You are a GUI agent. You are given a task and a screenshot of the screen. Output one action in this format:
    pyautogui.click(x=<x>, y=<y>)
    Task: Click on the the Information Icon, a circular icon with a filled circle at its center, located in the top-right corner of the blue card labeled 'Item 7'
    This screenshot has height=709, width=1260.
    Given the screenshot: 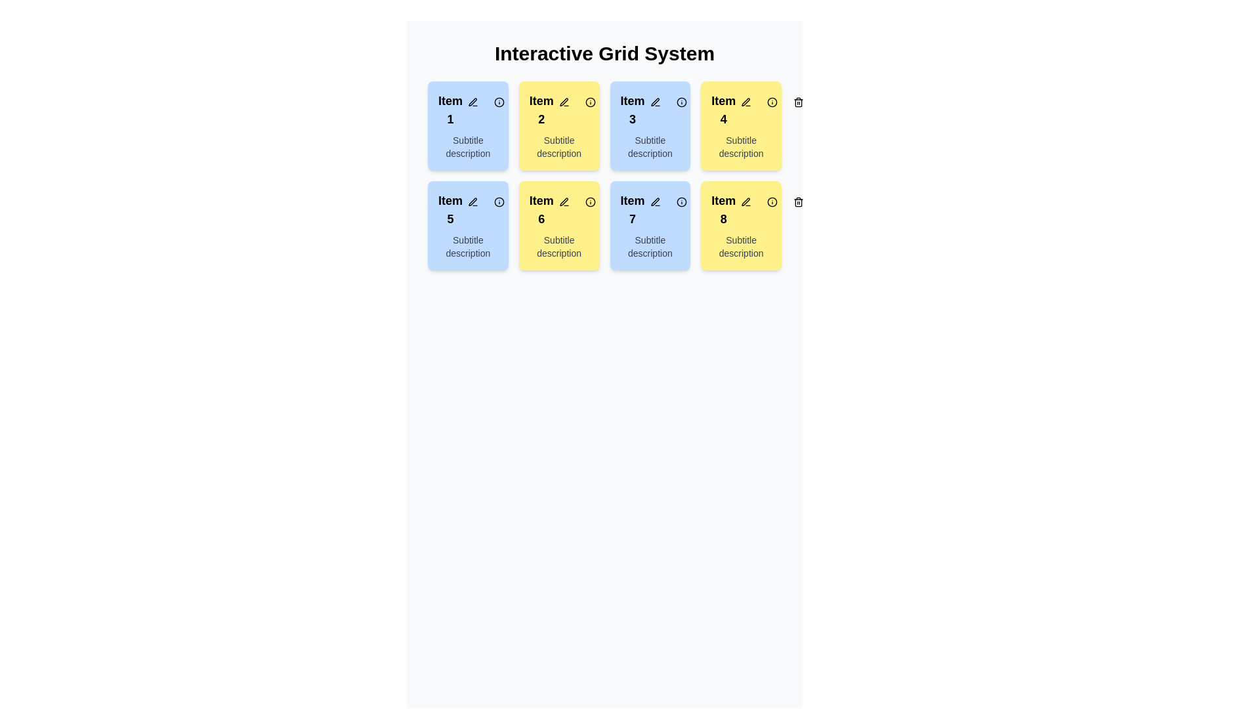 What is the action you would take?
    pyautogui.click(x=681, y=202)
    